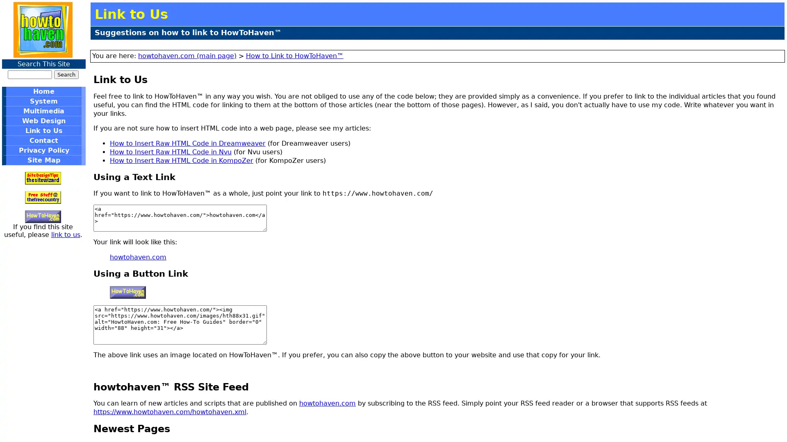 The width and height of the screenshot is (787, 442). Describe the element at coordinates (66, 74) in the screenshot. I see `Search` at that location.